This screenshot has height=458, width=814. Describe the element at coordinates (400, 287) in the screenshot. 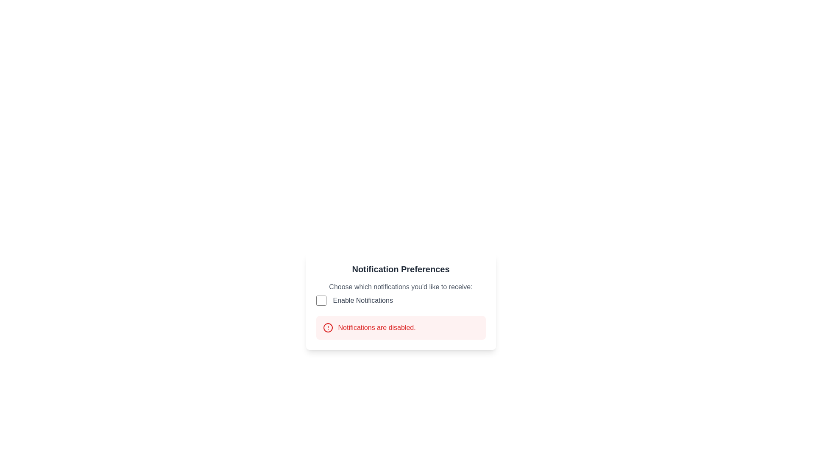

I see `the static text label that provides context for selecting notifications, positioned above the 'Enable Notifications' checkbox` at that location.